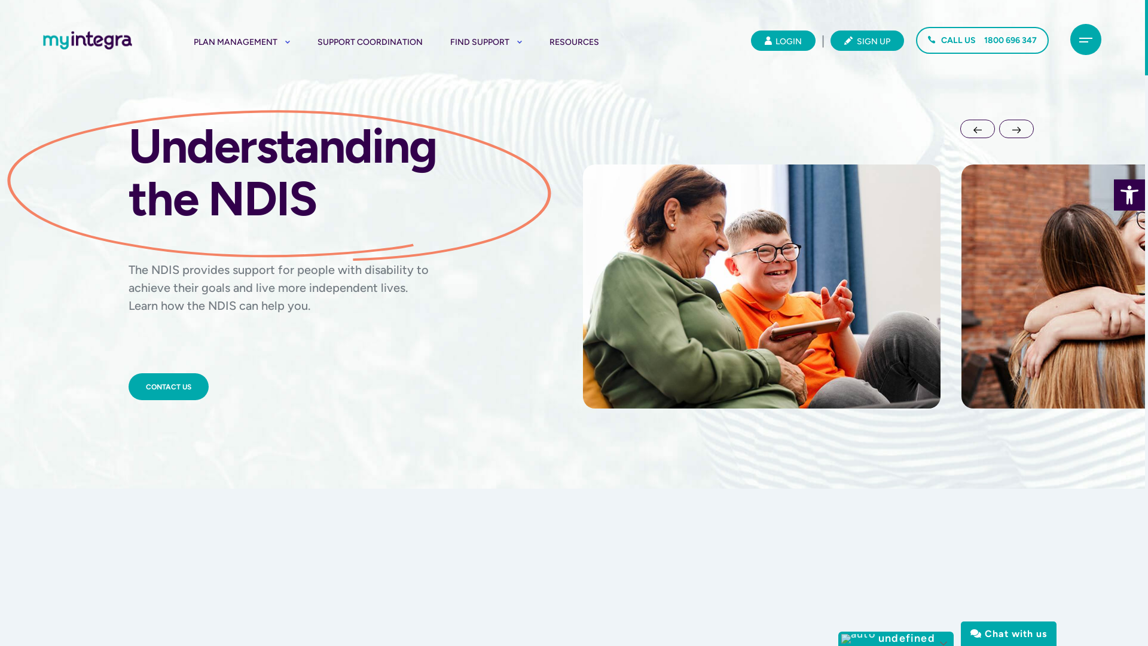 The height and width of the screenshot is (646, 1148). I want to click on 'CONTACT US', so click(168, 386).